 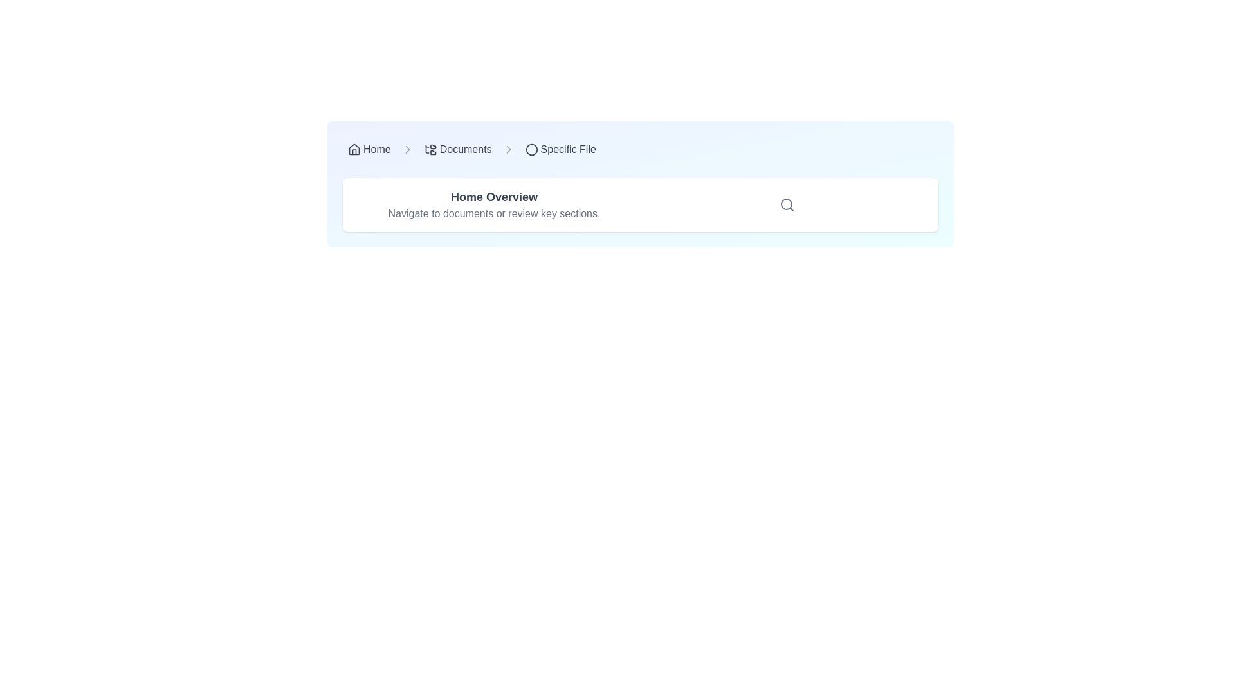 I want to click on the 'Home' text label in the breadcrumb navigation bar, so click(x=376, y=148).